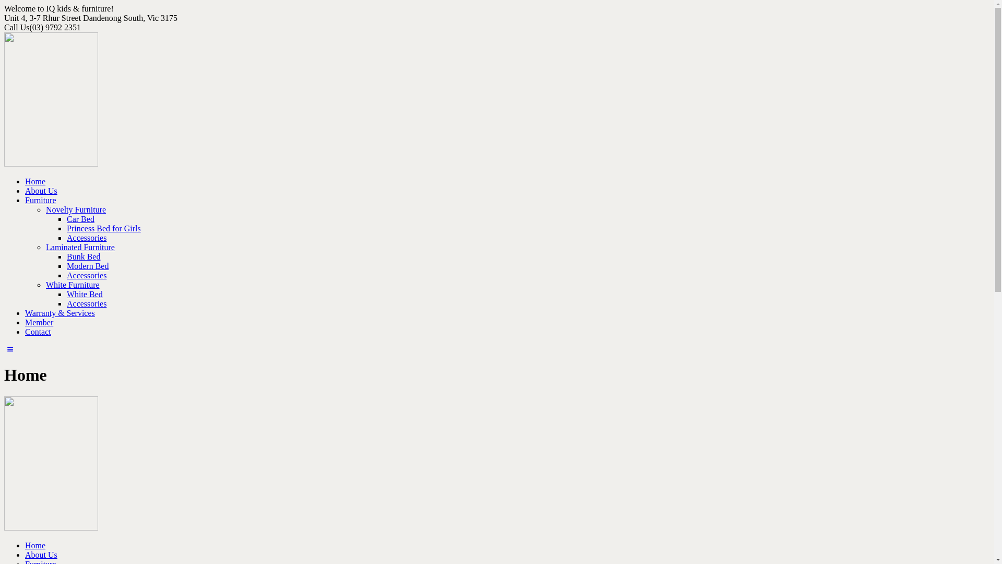 This screenshot has width=1002, height=564. Describe the element at coordinates (35, 181) in the screenshot. I see `'Home'` at that location.